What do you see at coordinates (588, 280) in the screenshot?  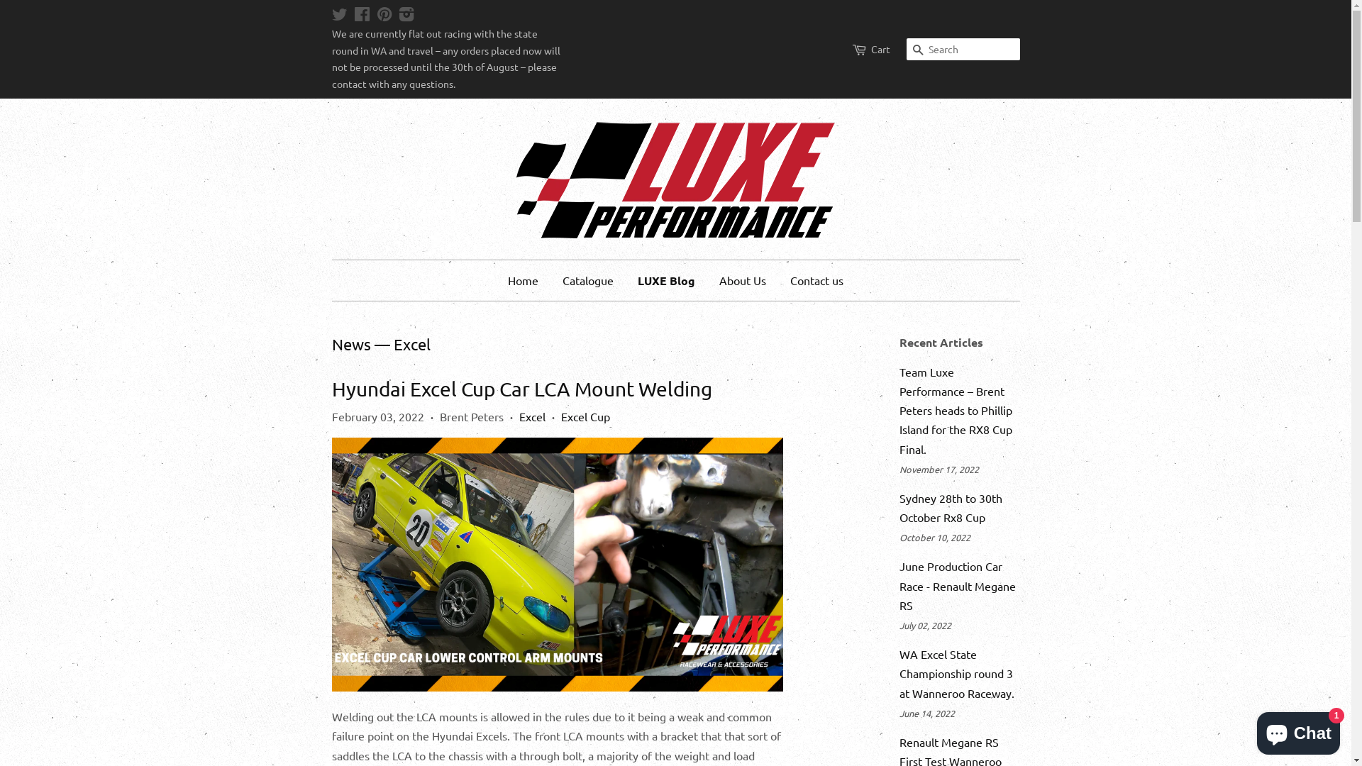 I see `'Catalogue'` at bounding box center [588, 280].